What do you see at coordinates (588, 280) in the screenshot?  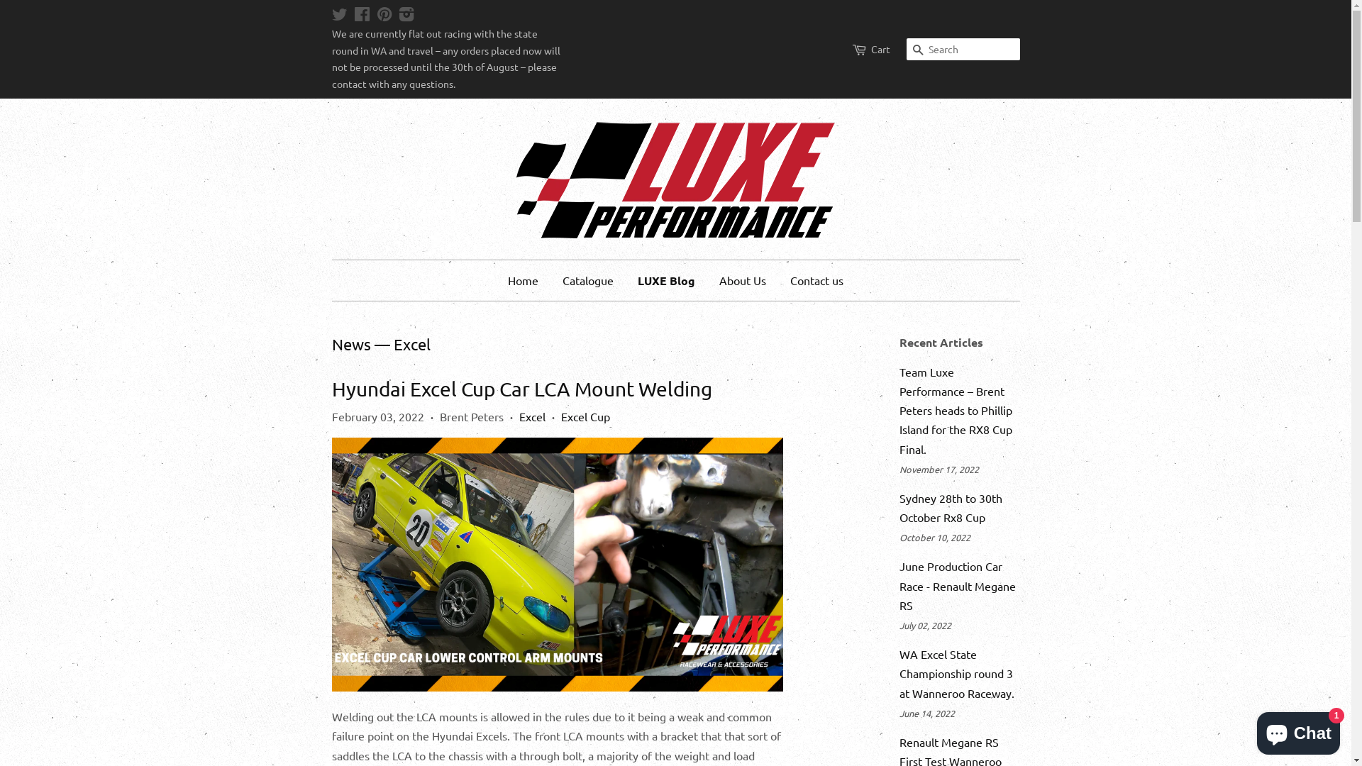 I see `'Catalogue'` at bounding box center [588, 280].